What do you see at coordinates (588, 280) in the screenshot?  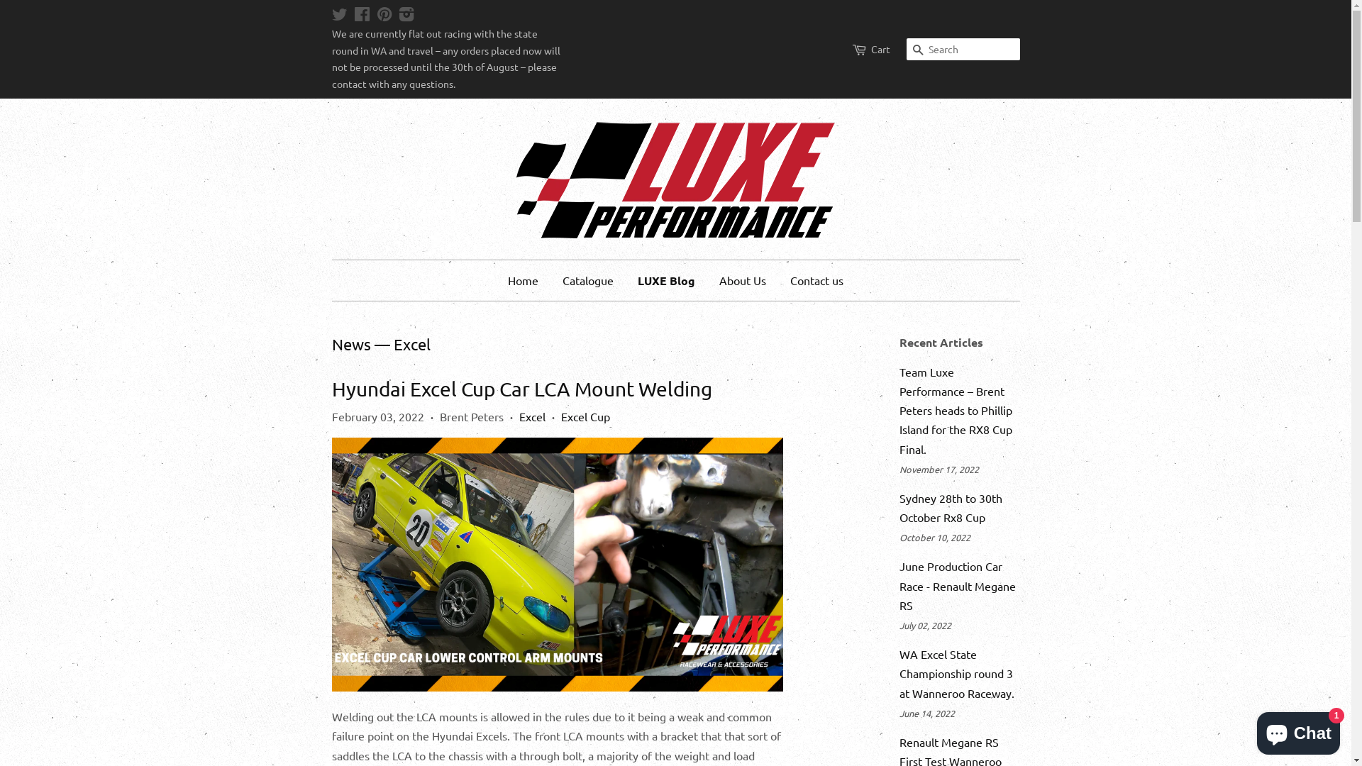 I see `'Catalogue'` at bounding box center [588, 280].